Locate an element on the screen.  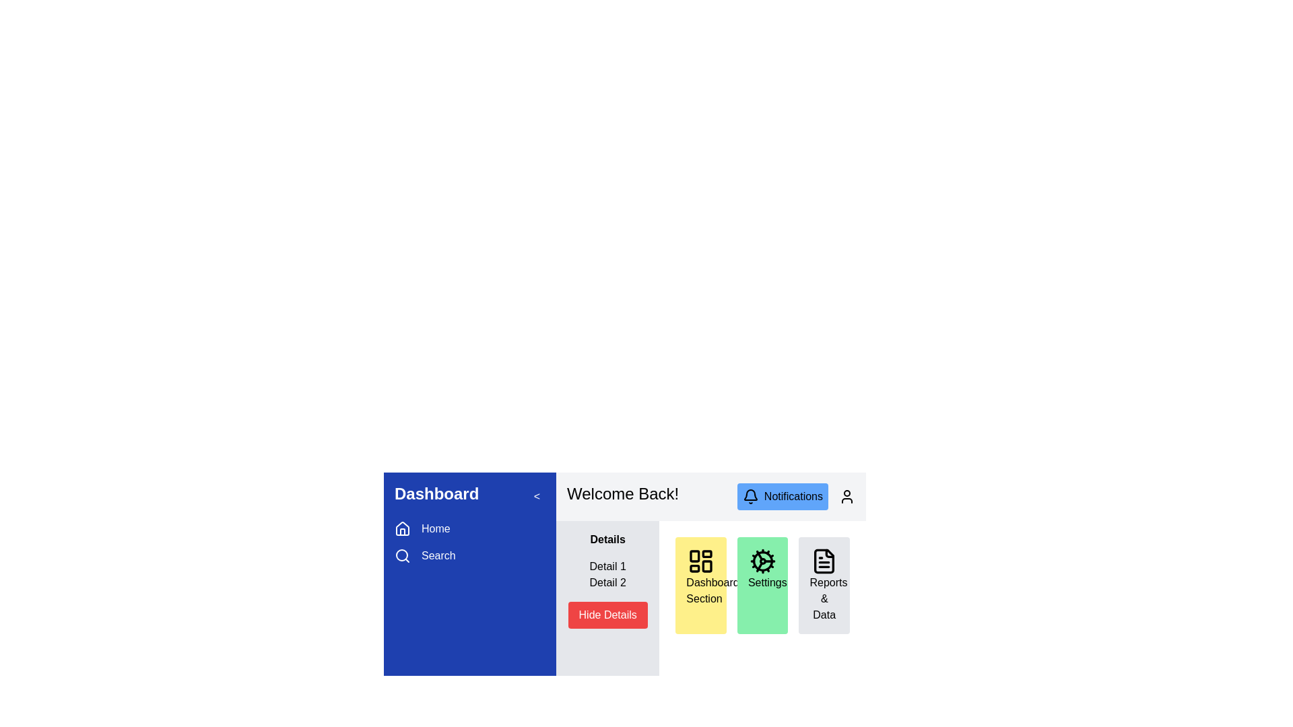
the house icon in the navigation sidebar, which is styled in white on a blue background and symbolizes the home or main page is located at coordinates (402, 528).